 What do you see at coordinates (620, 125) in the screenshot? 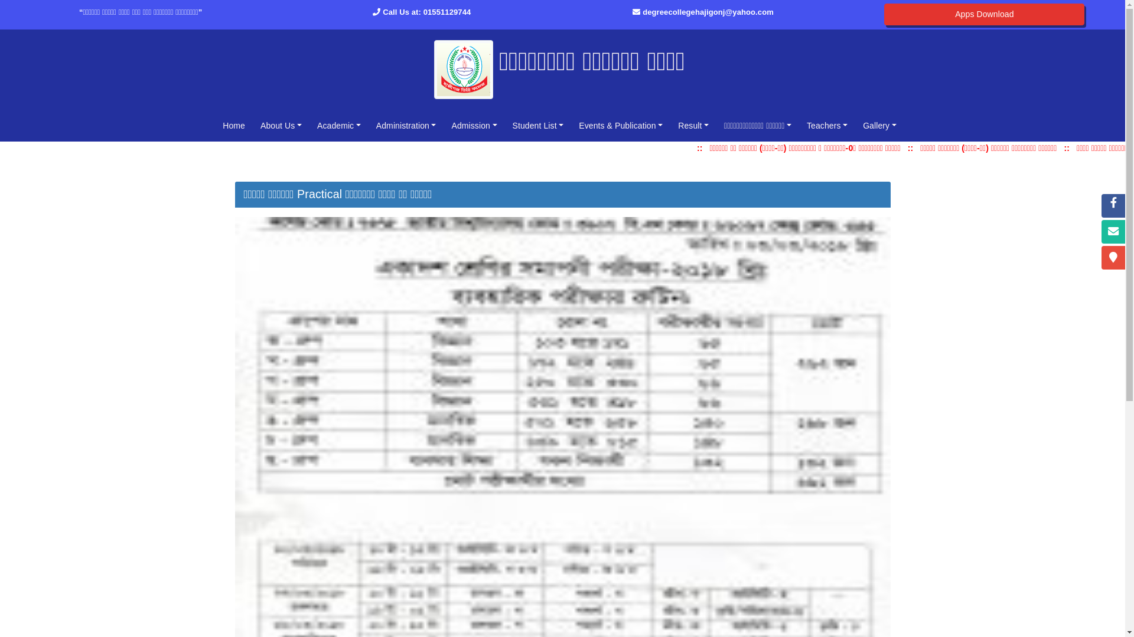
I see `'Events & Publication'` at bounding box center [620, 125].